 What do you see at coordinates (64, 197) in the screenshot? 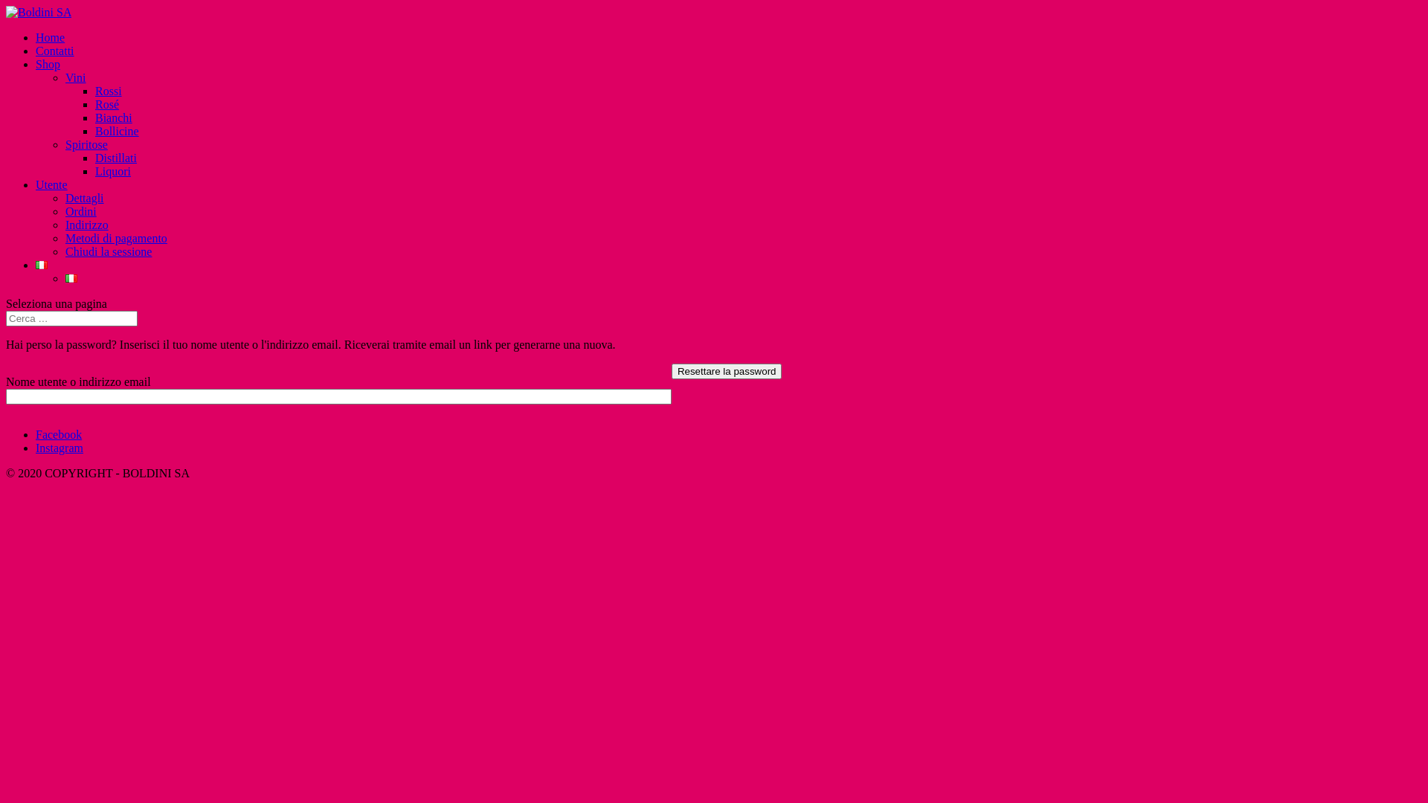
I see `'Dettagli'` at bounding box center [64, 197].